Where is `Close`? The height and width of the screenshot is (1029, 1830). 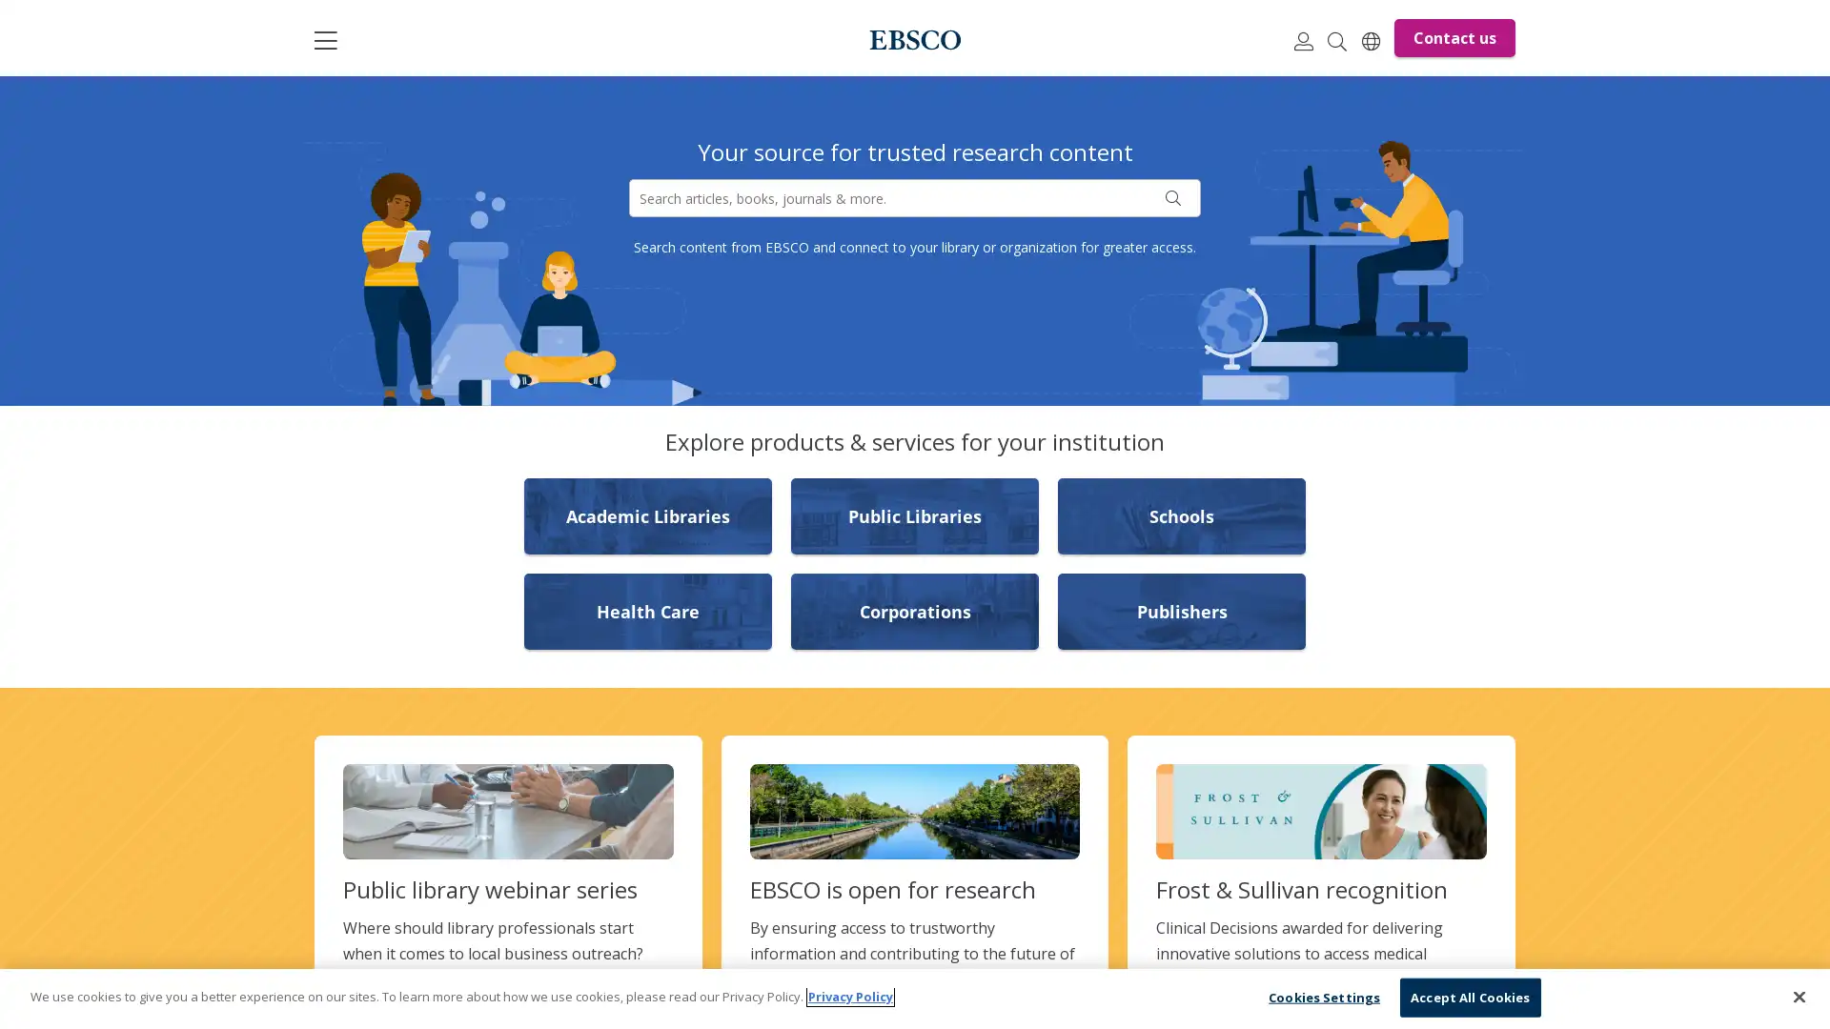 Close is located at coordinates (1798, 995).